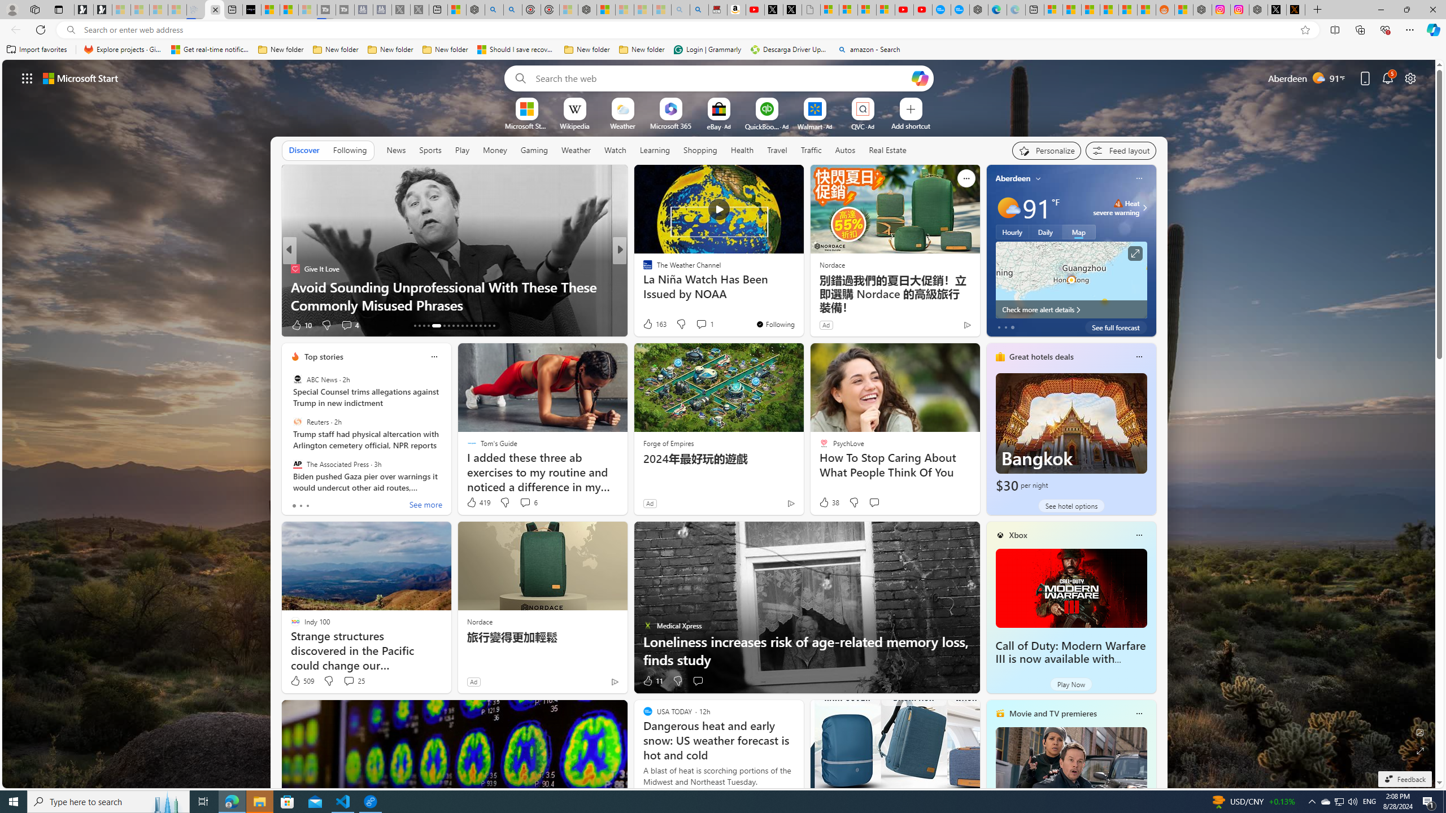 The width and height of the screenshot is (1446, 813). What do you see at coordinates (461, 326) in the screenshot?
I see `'AutomationID: tab-22'` at bounding box center [461, 326].